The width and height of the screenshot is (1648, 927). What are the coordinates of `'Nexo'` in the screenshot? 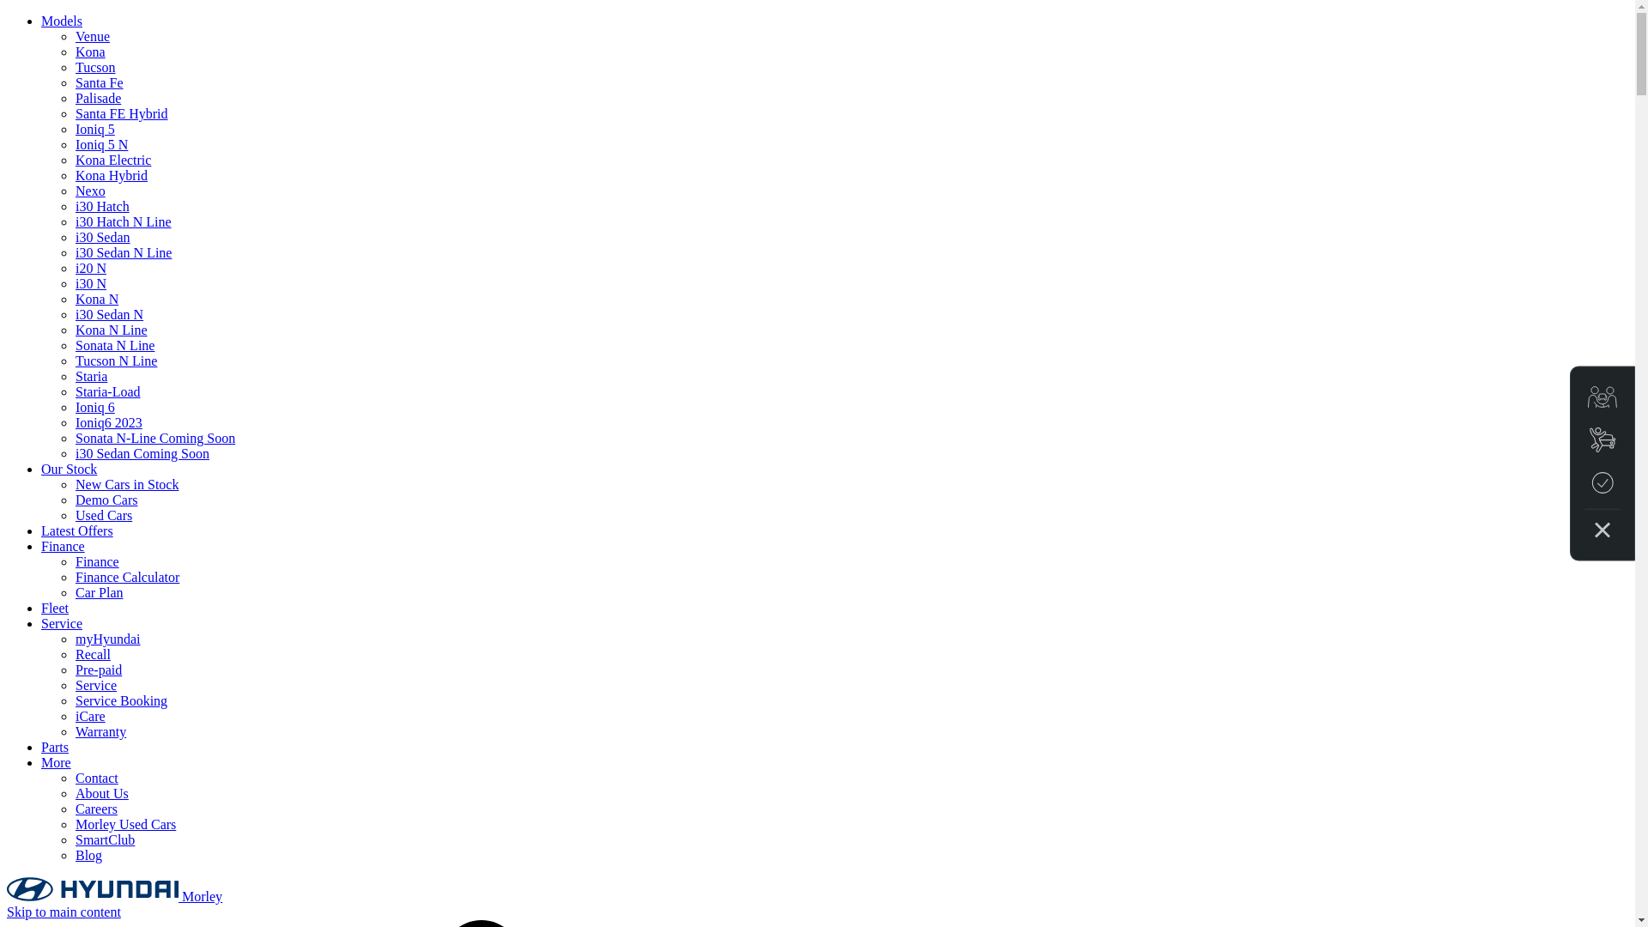 It's located at (89, 191).